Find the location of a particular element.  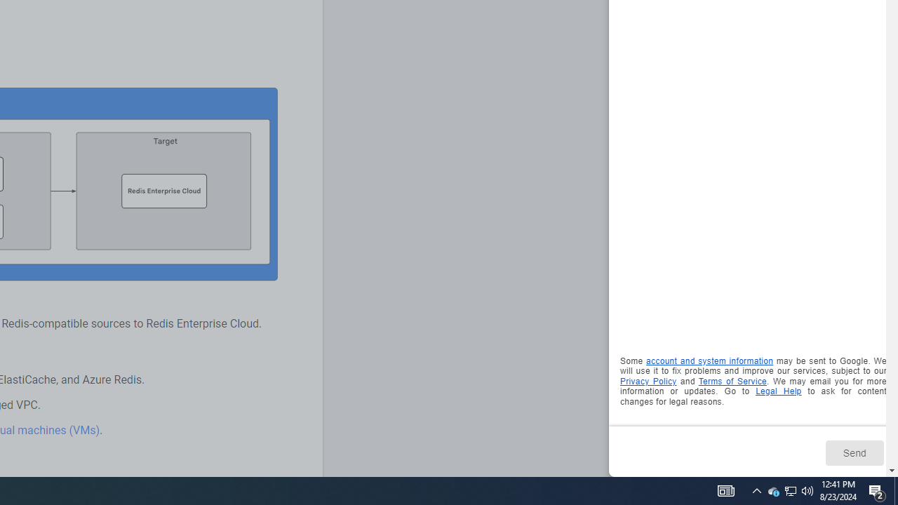

'Opens in a new tab. Legal Help' is located at coordinates (777, 391).